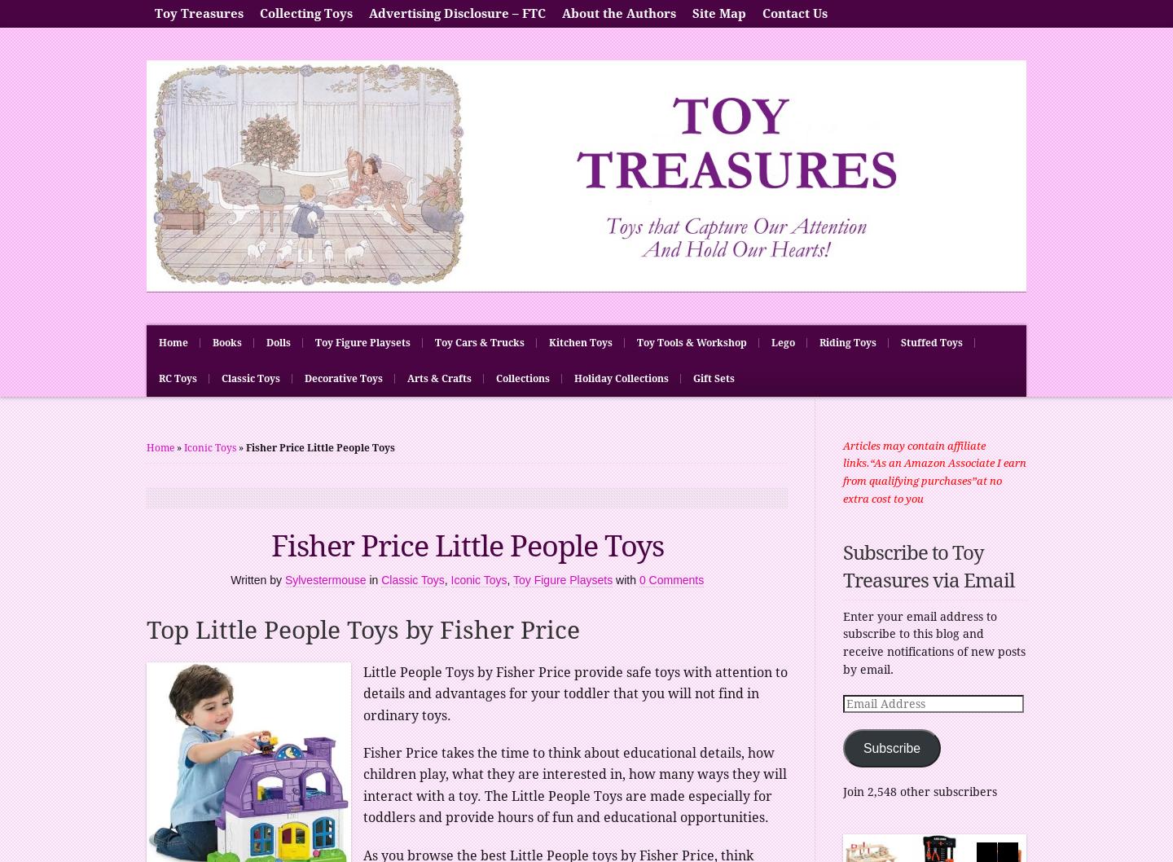  I want to click on 'in', so click(375, 580).